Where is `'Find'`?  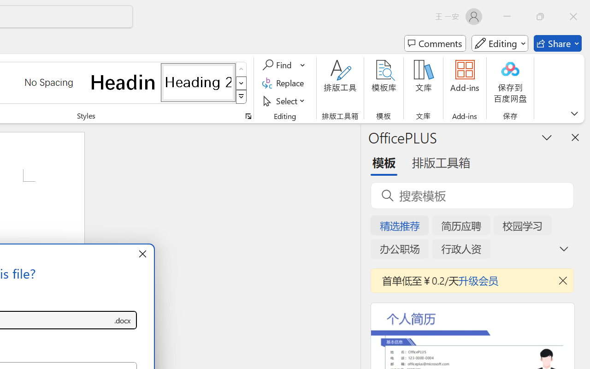 'Find' is located at coordinates (278, 65).